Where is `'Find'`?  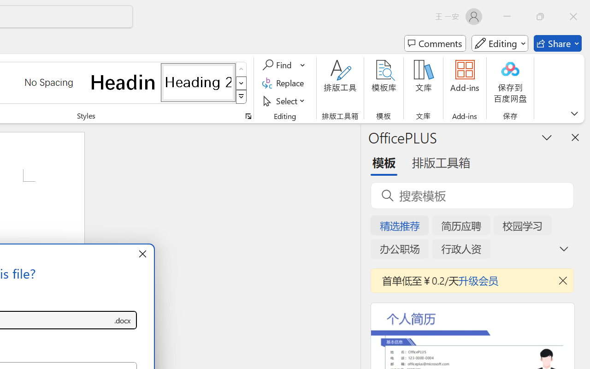 'Find' is located at coordinates (278, 65).